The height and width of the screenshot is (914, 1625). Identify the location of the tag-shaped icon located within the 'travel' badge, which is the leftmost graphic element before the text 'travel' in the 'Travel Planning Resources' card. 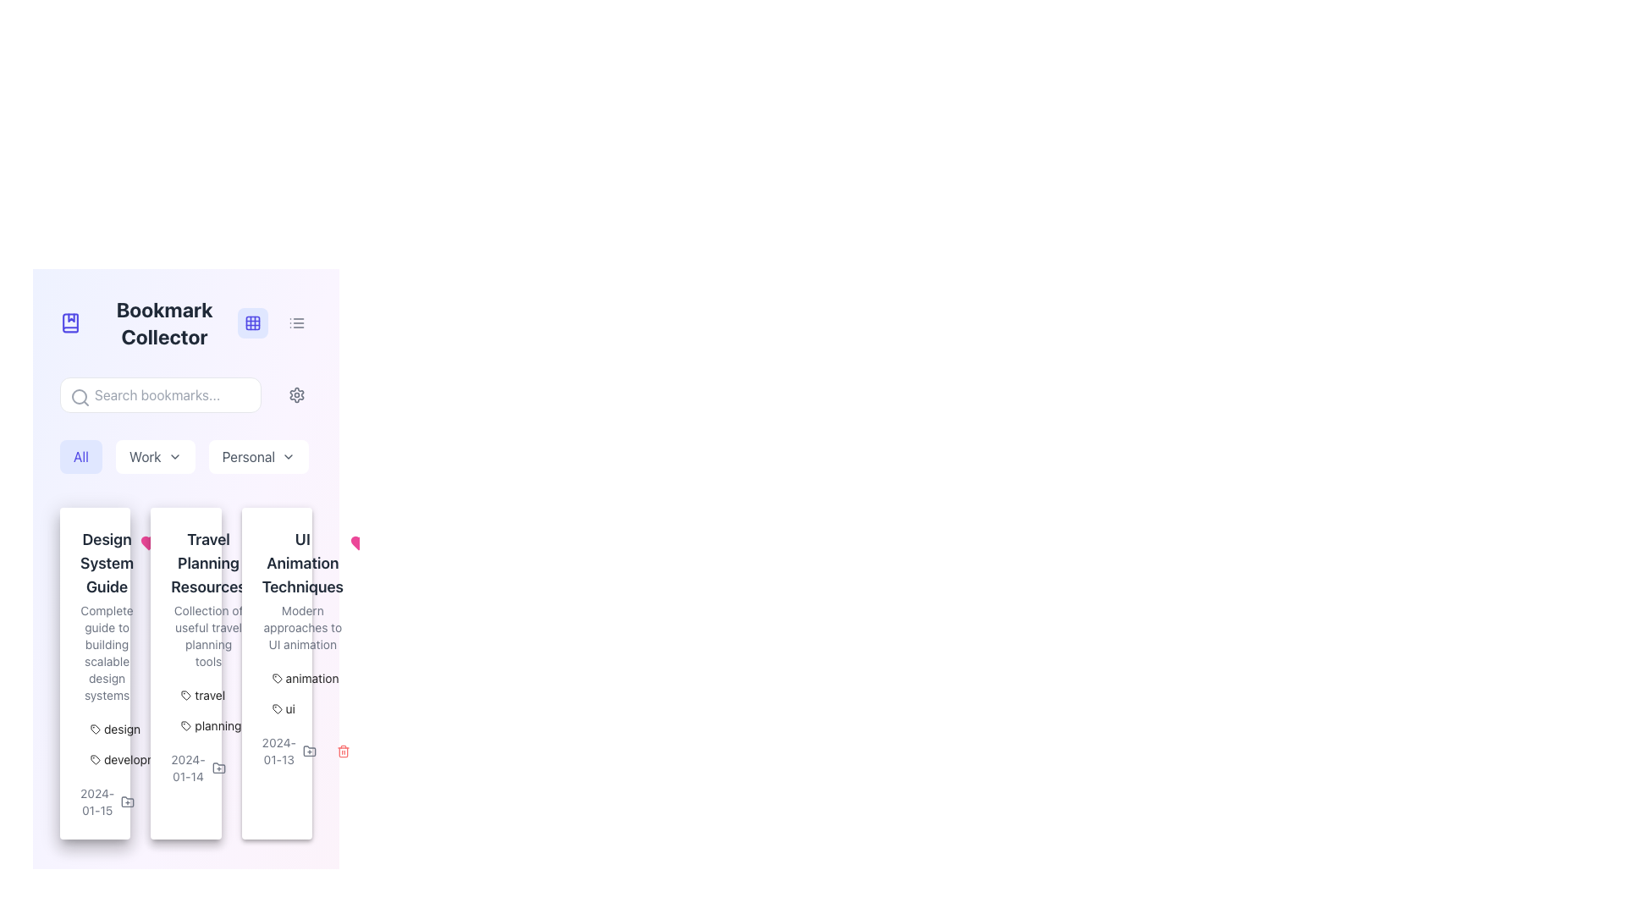
(186, 695).